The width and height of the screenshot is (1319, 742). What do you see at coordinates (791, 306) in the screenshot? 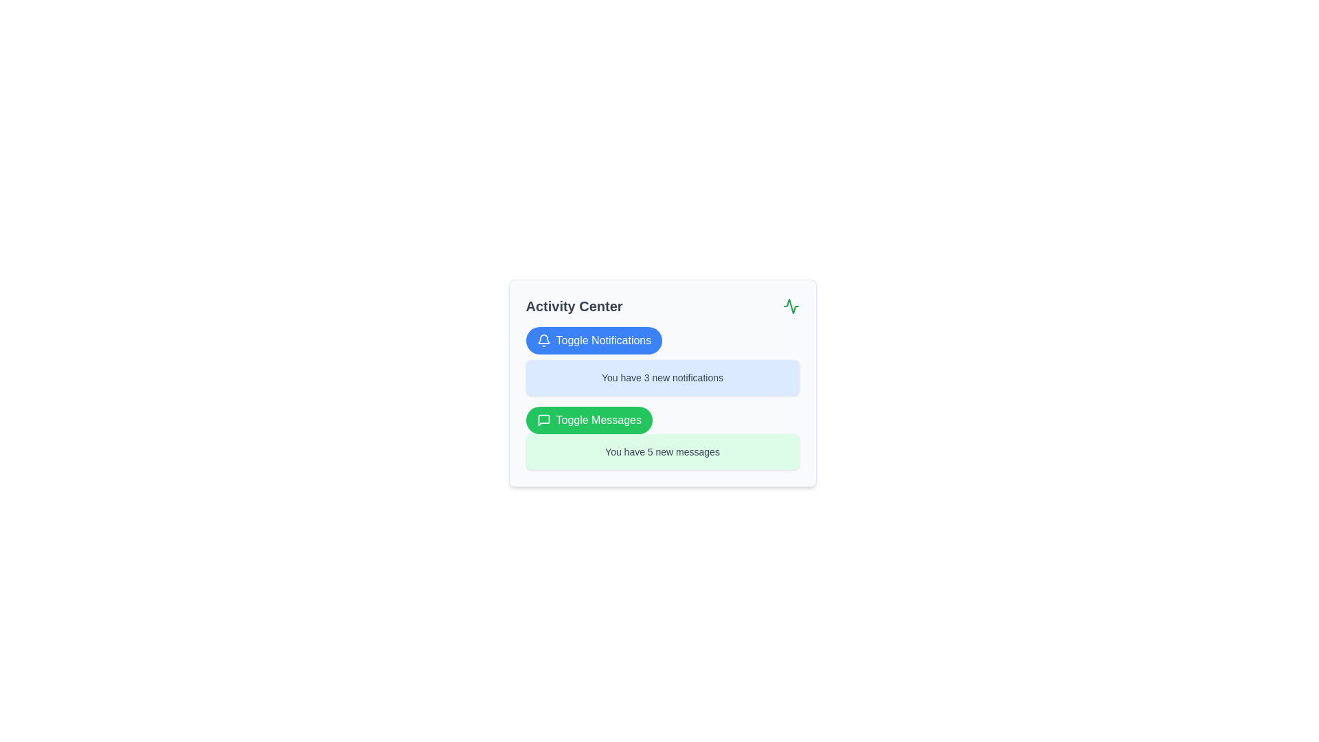
I see `the small green pulse icon located at the top-right corner of the 'Activity Center' section` at bounding box center [791, 306].